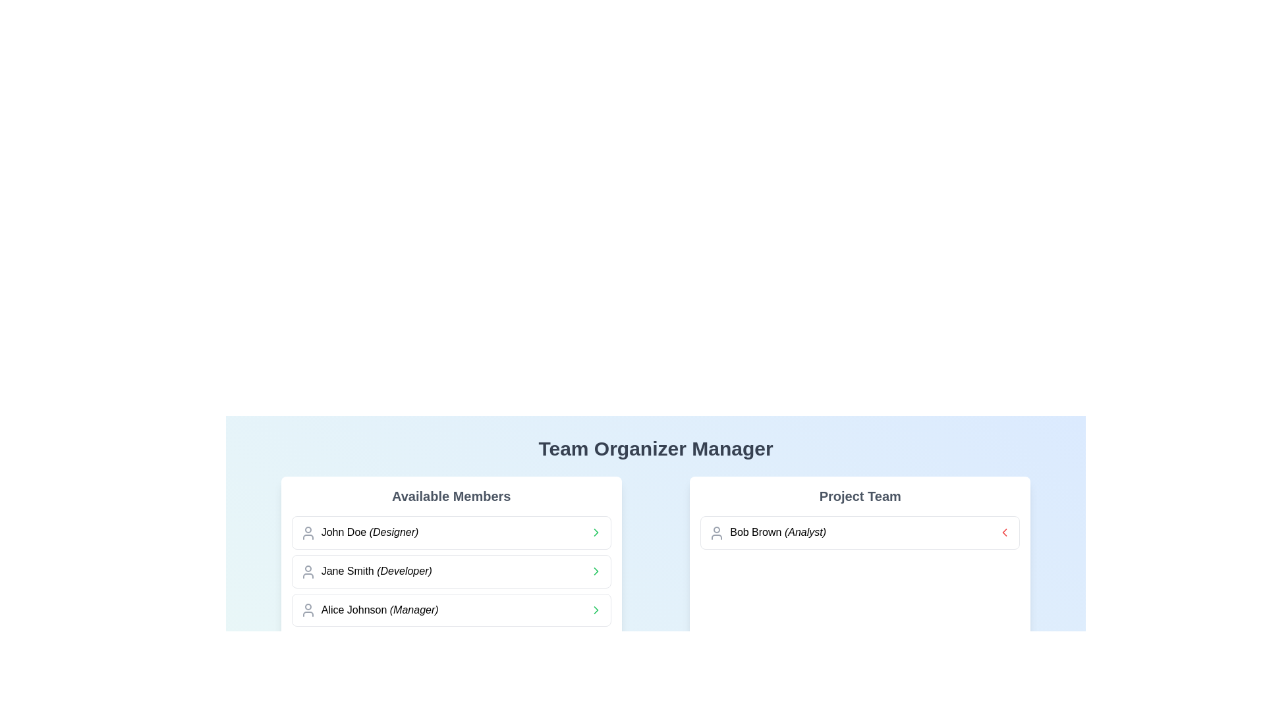 The width and height of the screenshot is (1265, 711). What do you see at coordinates (1004, 532) in the screenshot?
I see `the small left-pointing chevron icon styled with red color, located to the right of 'Bob Brown (Analyst)'` at bounding box center [1004, 532].